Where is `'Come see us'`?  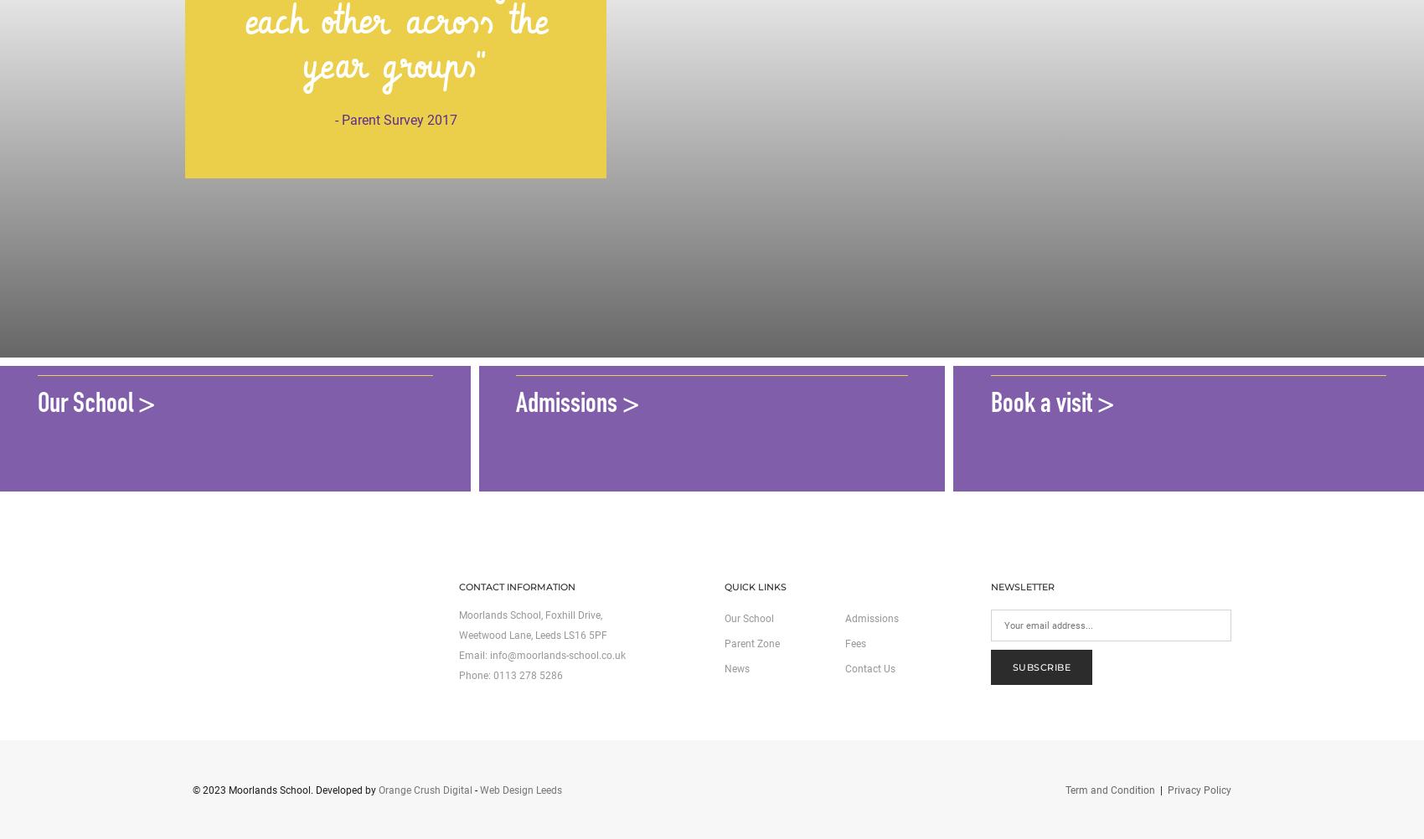 'Come see us' is located at coordinates (1028, 346).